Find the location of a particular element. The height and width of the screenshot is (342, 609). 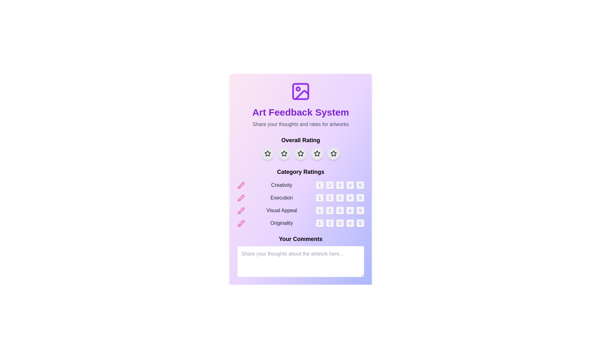

the third star-shaped button within the 'Overall Rating' section is located at coordinates (300, 154).